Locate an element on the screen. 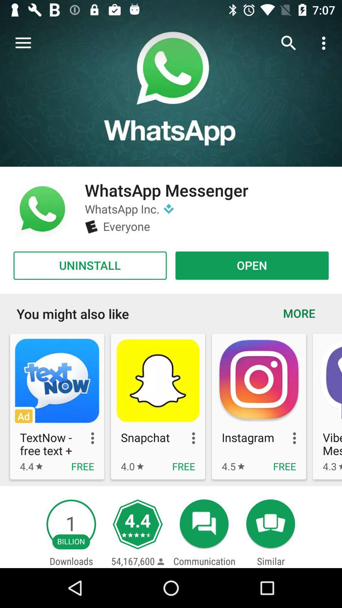 The height and width of the screenshot is (608, 342). the customize and control icon which is near the instagram application is located at coordinates (288, 438).